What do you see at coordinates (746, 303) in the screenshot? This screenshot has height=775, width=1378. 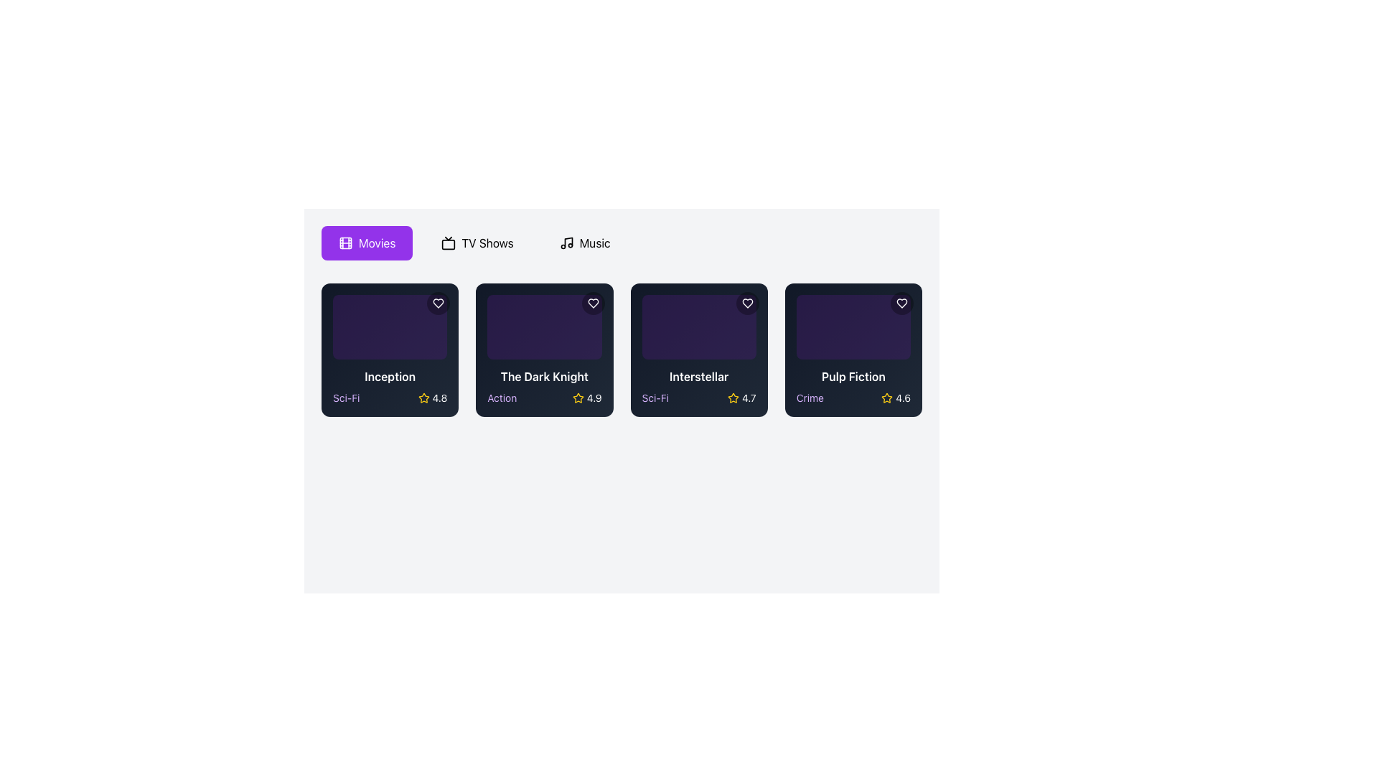 I see `the heart icon located at the top-right corner of the 'Interstellar' movie card to like or favorite it` at bounding box center [746, 303].